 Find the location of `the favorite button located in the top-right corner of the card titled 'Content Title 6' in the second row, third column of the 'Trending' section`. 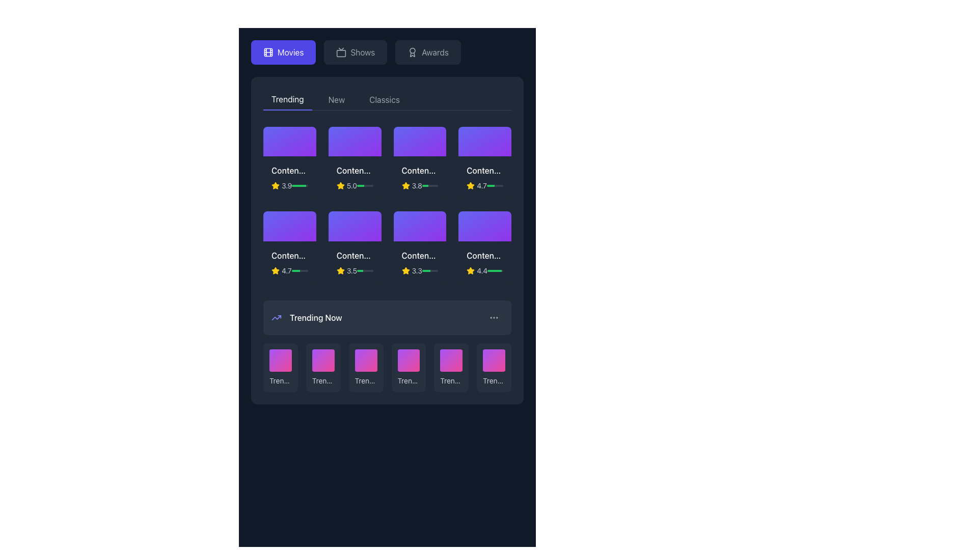

the favorite button located in the top-right corner of the card titled 'Content Title 6' in the second row, third column of the 'Trending' section is located at coordinates (370, 221).